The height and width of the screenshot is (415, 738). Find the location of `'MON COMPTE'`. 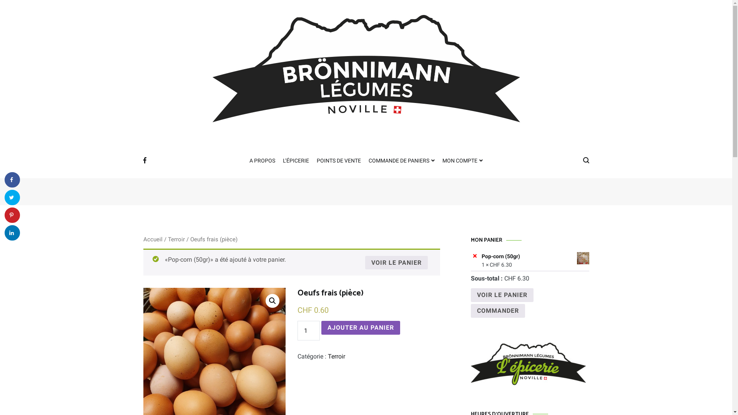

'MON COMPTE' is located at coordinates (462, 161).